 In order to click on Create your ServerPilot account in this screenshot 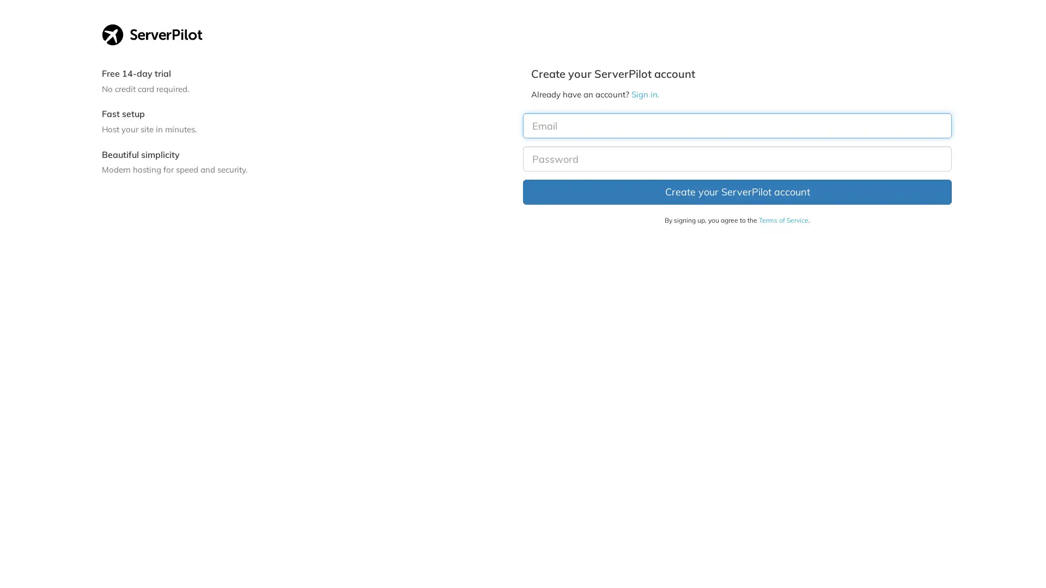, I will do `click(737, 192)`.